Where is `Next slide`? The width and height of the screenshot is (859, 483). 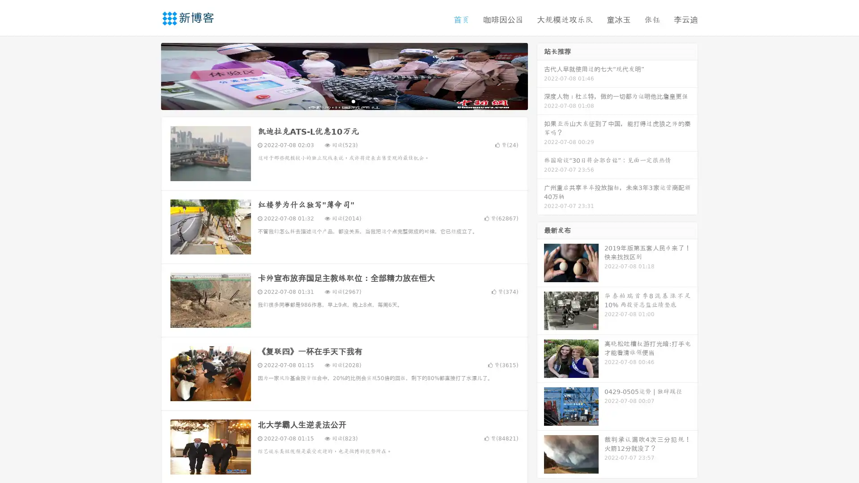 Next slide is located at coordinates (540, 75).